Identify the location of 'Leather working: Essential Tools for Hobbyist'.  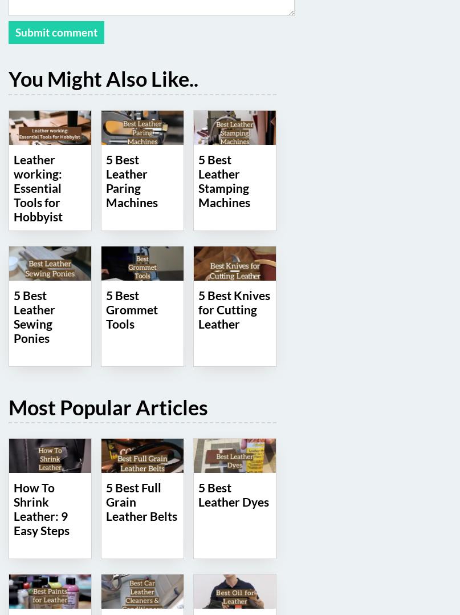
(38, 187).